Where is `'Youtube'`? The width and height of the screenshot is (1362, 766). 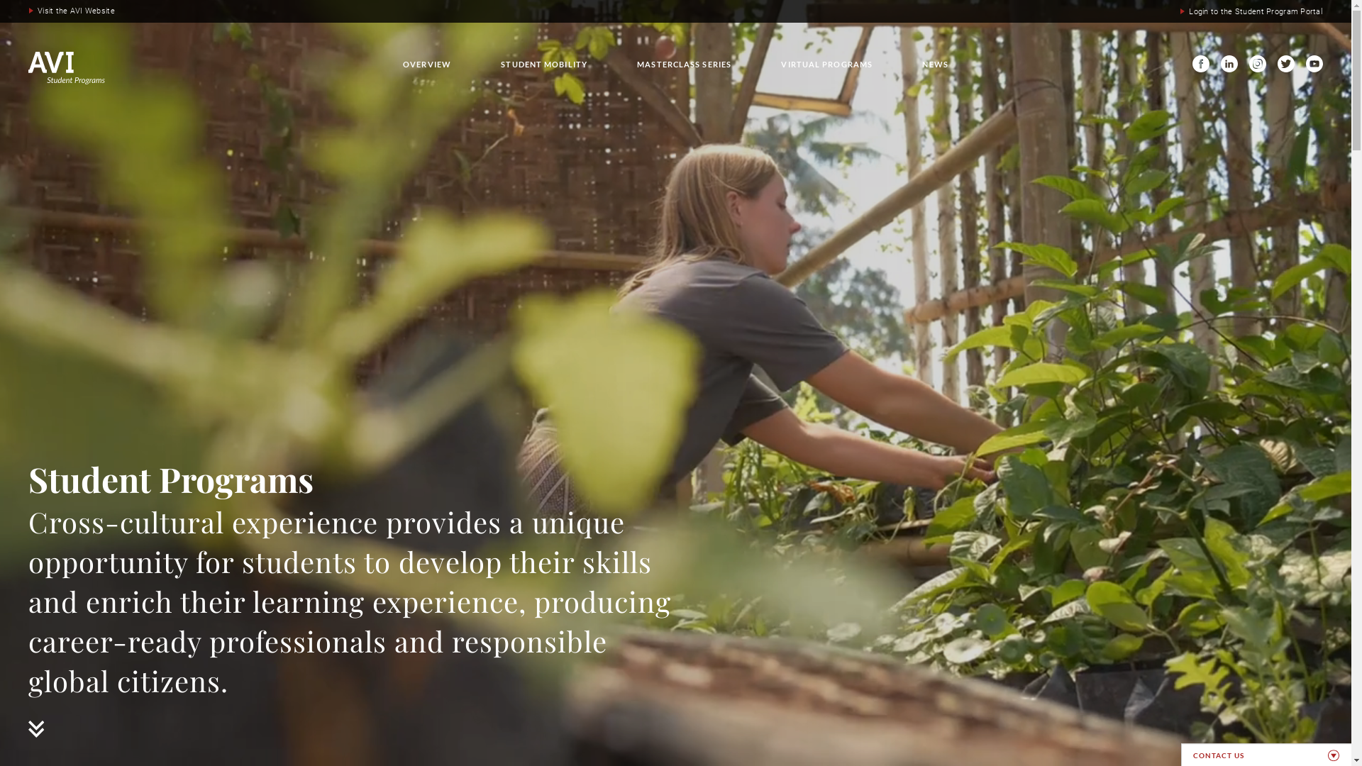 'Youtube' is located at coordinates (1313, 62).